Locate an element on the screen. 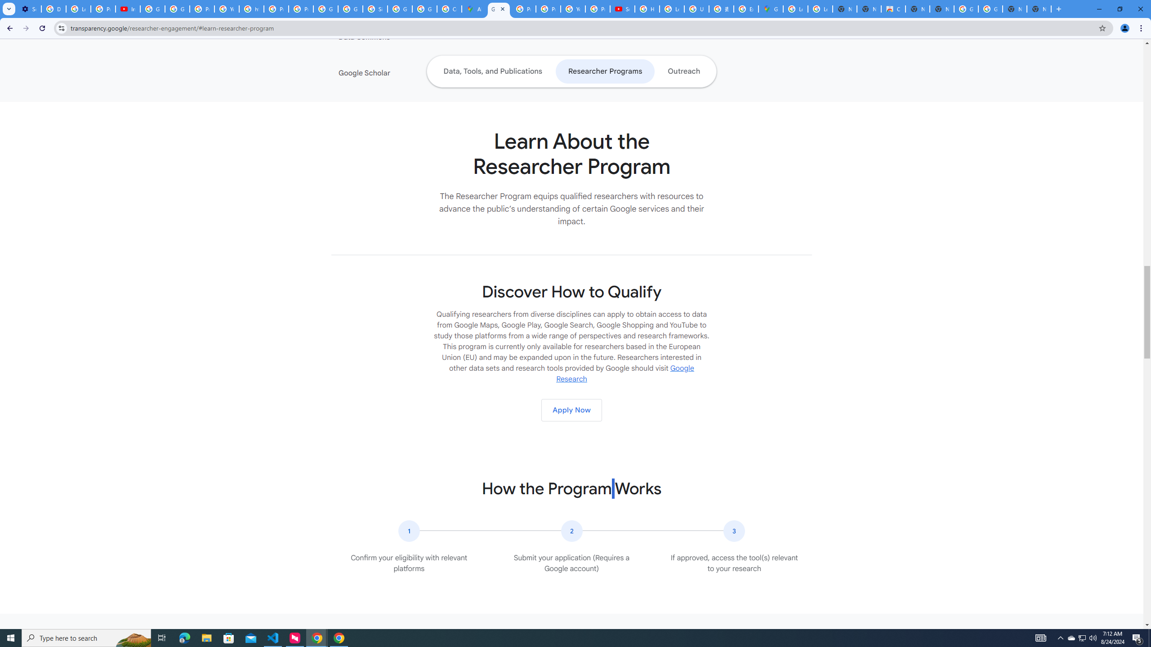 This screenshot has width=1151, height=647. 'Outreach' is located at coordinates (683, 71).